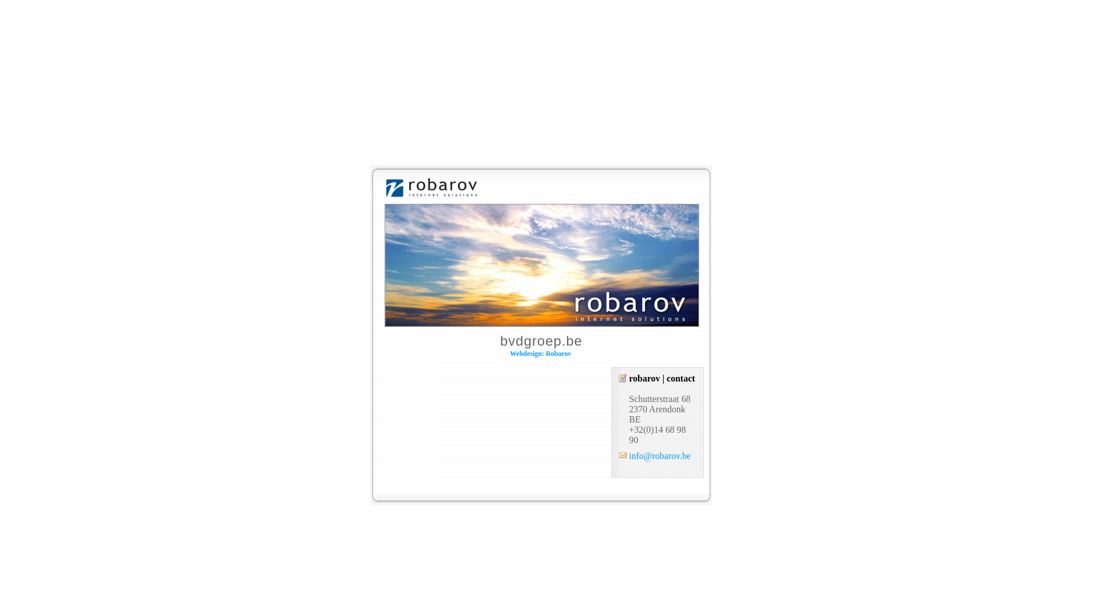 Image resolution: width=1094 pixels, height=615 pixels. What do you see at coordinates (540, 353) in the screenshot?
I see `'Webdesign: Robarov'` at bounding box center [540, 353].